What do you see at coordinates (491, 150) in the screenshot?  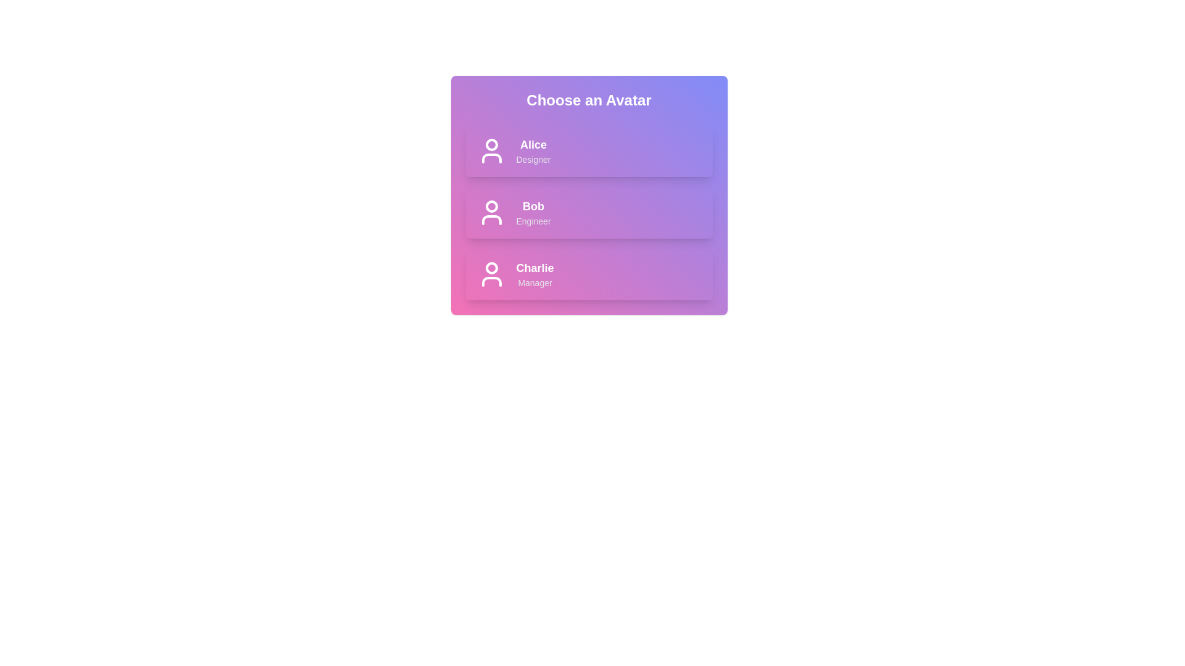 I see `the user 'Alice' icon located above the 'AliceDesigner' label text` at bounding box center [491, 150].